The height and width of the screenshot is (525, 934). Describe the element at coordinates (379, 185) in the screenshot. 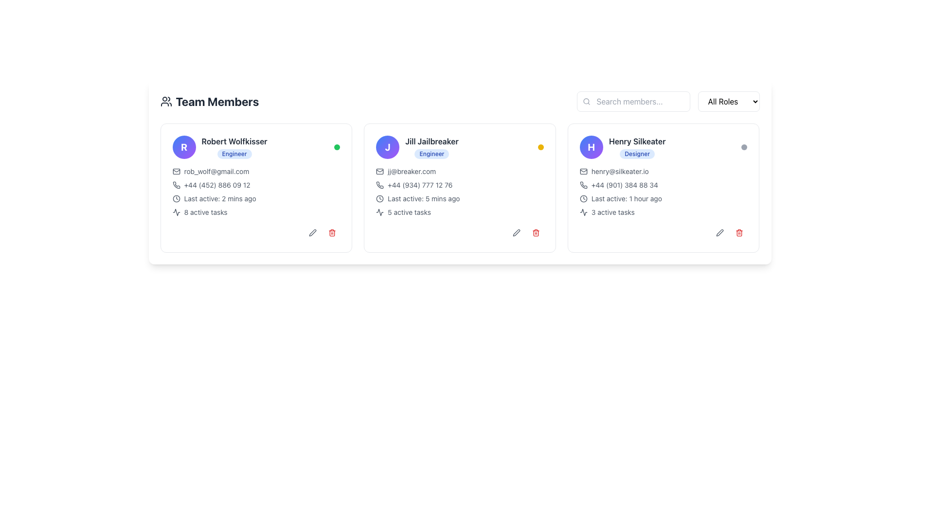

I see `the phone icon associated with 'Jill Jailbreaker' to initiate a call action` at that location.